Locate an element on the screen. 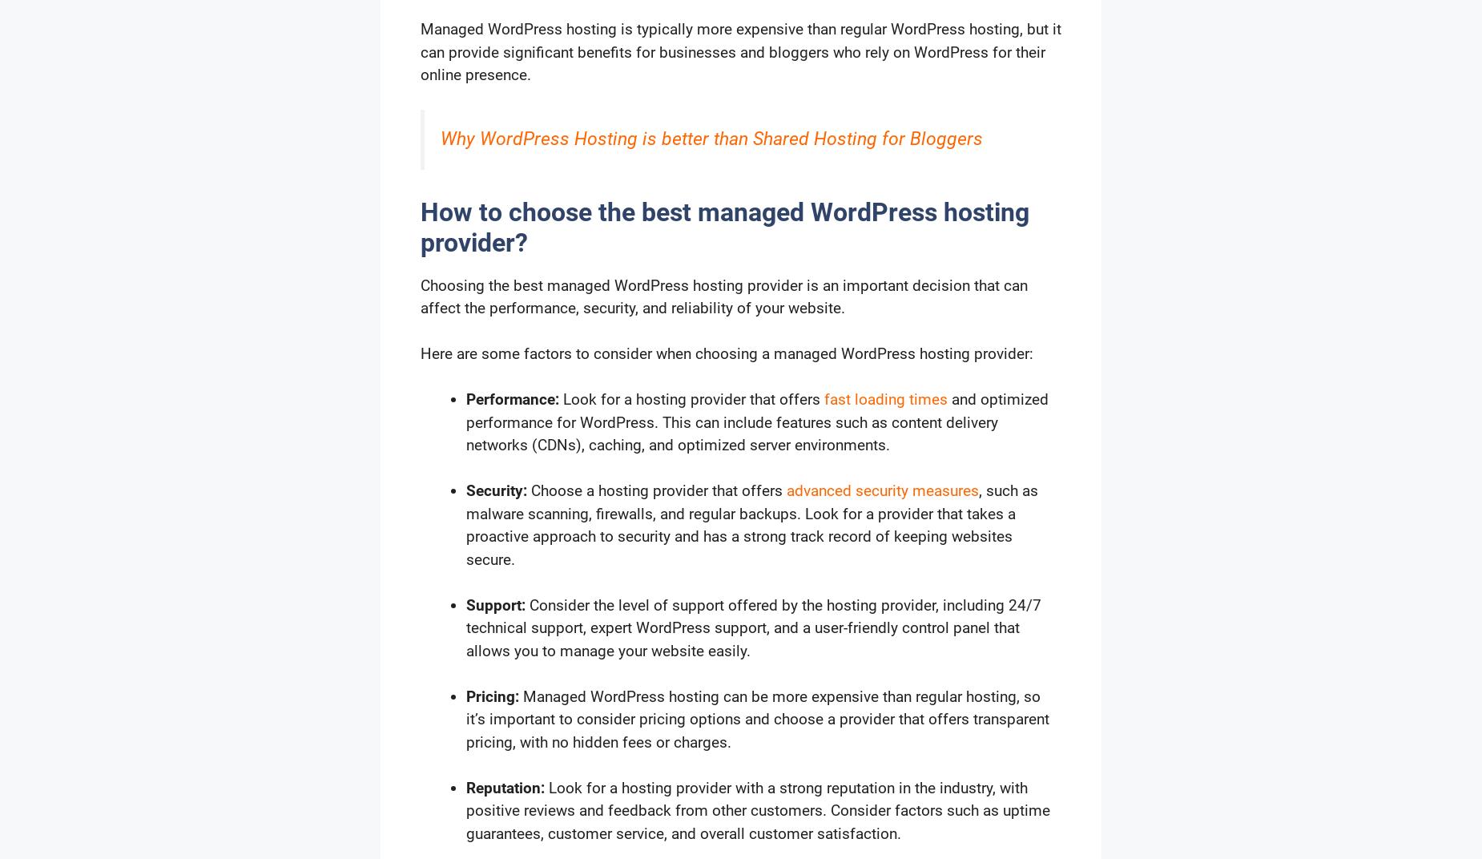 This screenshot has height=859, width=1482. 'Support:' is located at coordinates (466, 604).